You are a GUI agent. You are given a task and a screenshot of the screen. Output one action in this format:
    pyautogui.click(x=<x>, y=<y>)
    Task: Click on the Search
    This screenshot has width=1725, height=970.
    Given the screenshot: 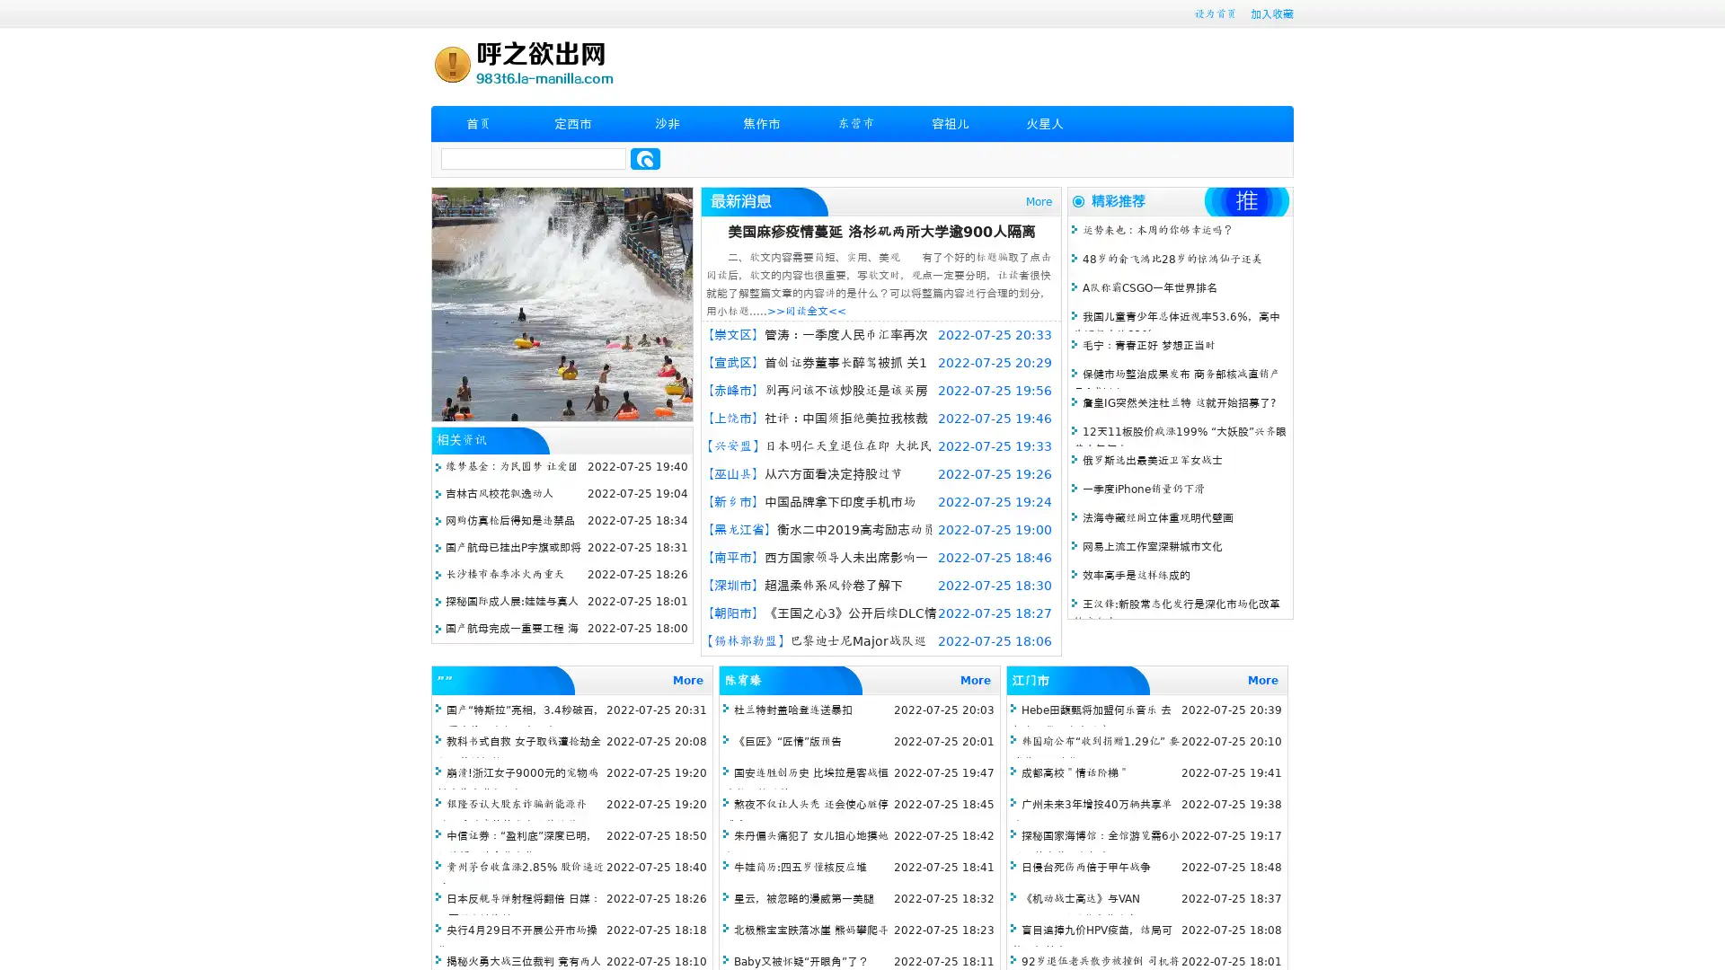 What is the action you would take?
    pyautogui.click(x=645, y=158)
    